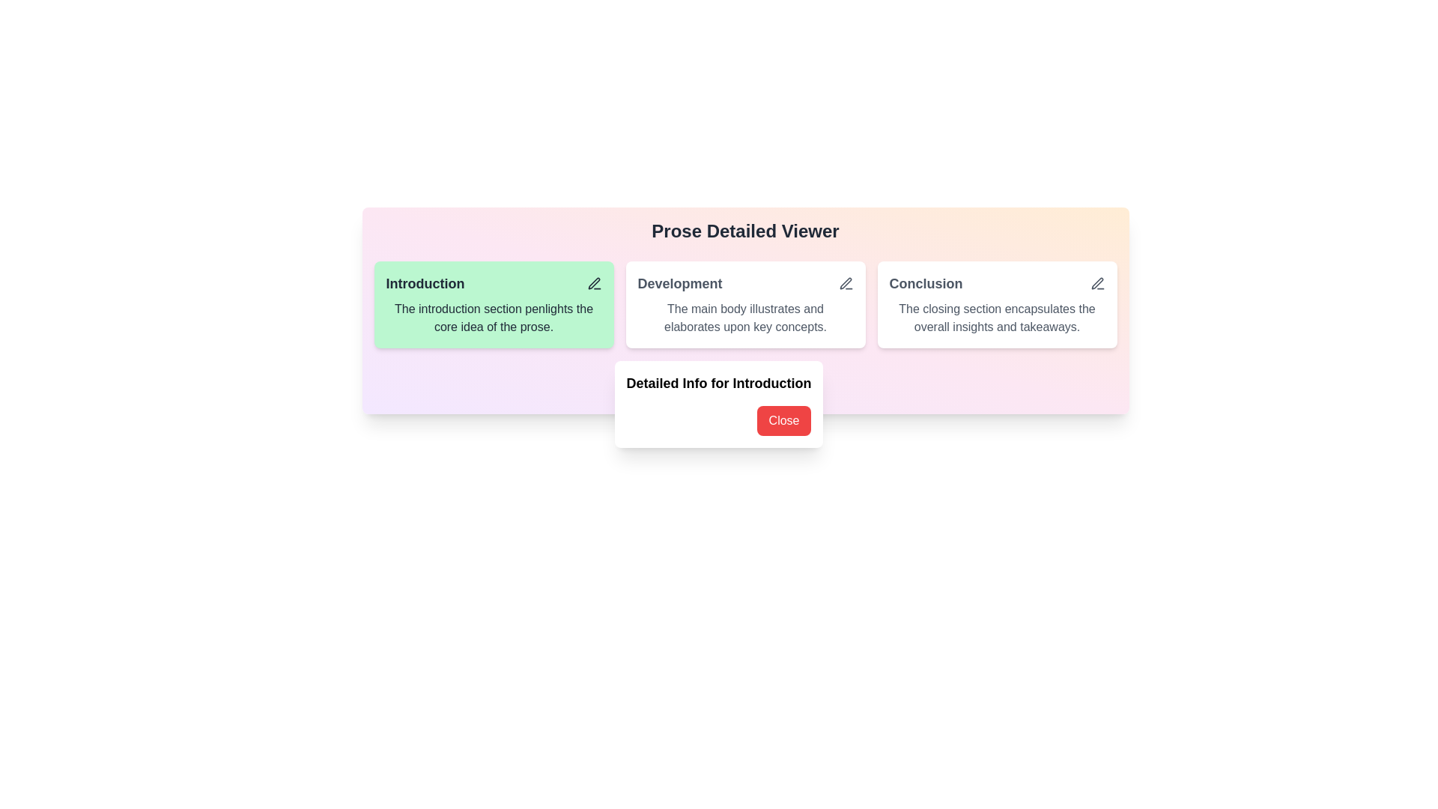 The height and width of the screenshot is (809, 1438). What do you see at coordinates (719, 404) in the screenshot?
I see `the 'Close' button located at the lower-right corner of the modal dialog box` at bounding box center [719, 404].